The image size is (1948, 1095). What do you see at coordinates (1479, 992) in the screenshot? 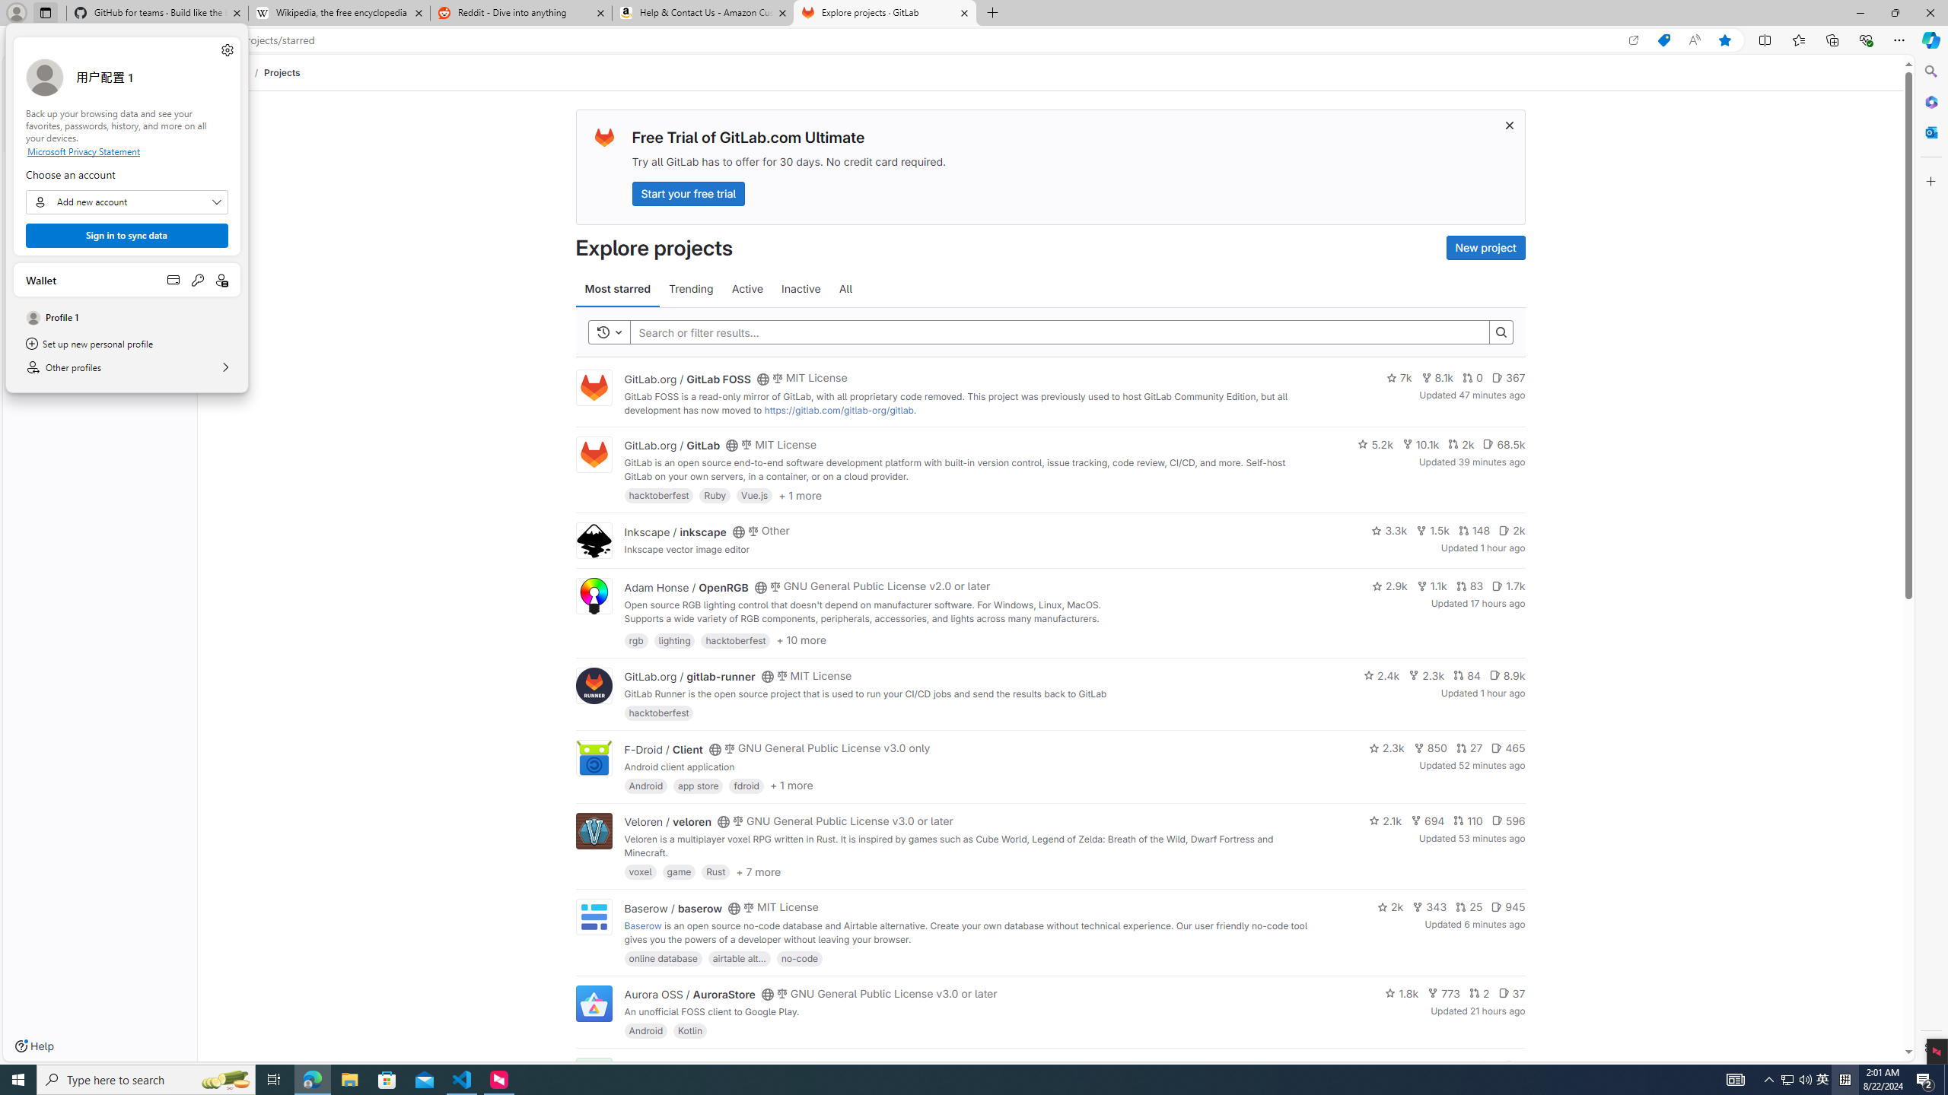
I see `'2'` at bounding box center [1479, 992].